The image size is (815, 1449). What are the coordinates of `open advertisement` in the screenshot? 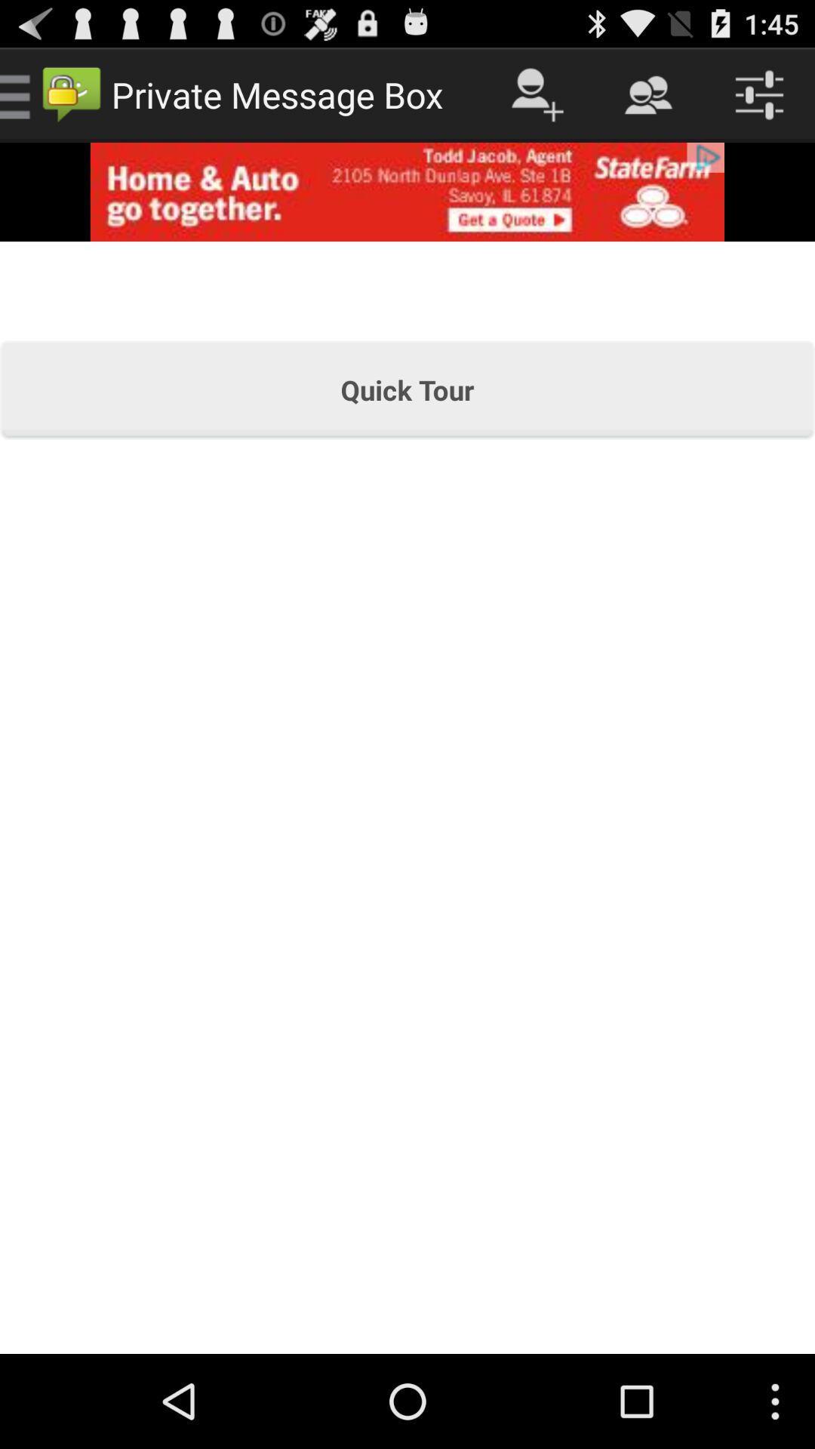 It's located at (407, 191).